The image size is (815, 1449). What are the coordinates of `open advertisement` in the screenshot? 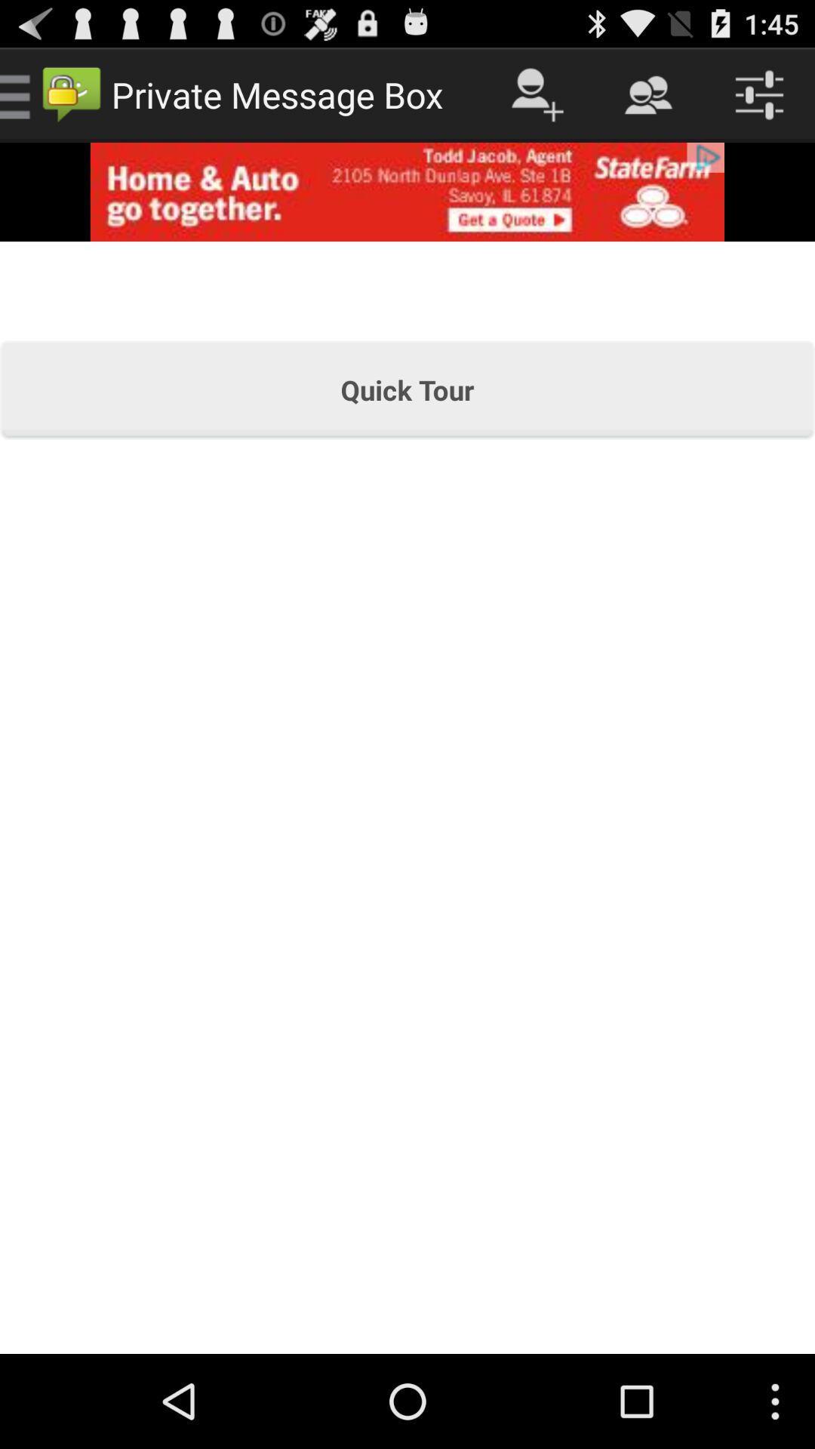 It's located at (407, 191).